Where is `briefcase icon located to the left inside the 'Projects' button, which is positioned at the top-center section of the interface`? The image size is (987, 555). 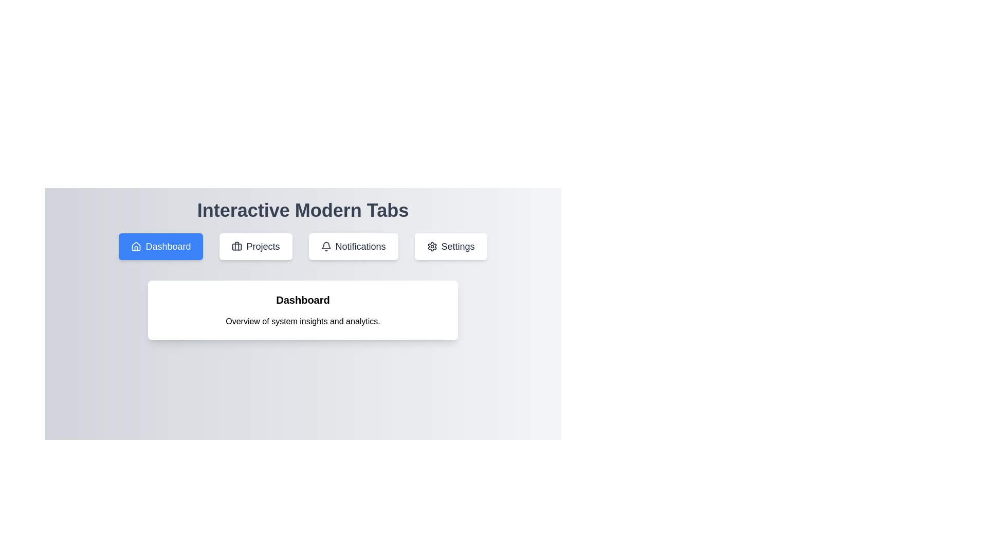 briefcase icon located to the left inside the 'Projects' button, which is positioned at the top-center section of the interface is located at coordinates (236, 246).